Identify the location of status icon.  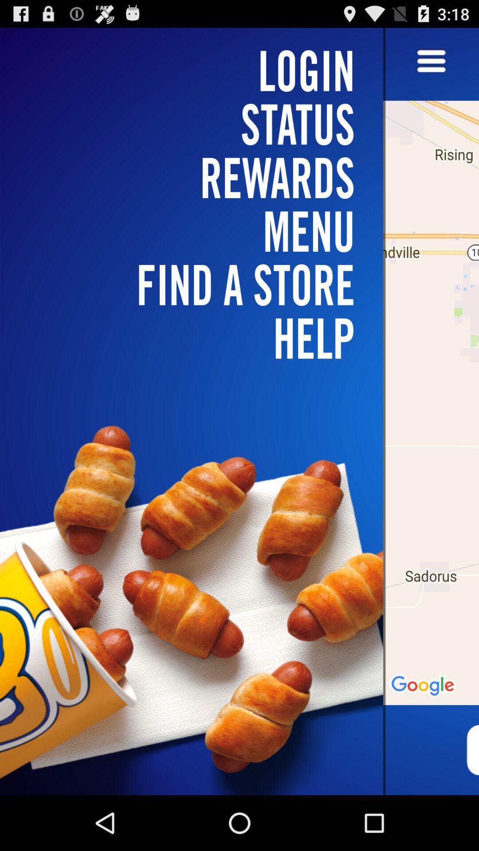
(196, 124).